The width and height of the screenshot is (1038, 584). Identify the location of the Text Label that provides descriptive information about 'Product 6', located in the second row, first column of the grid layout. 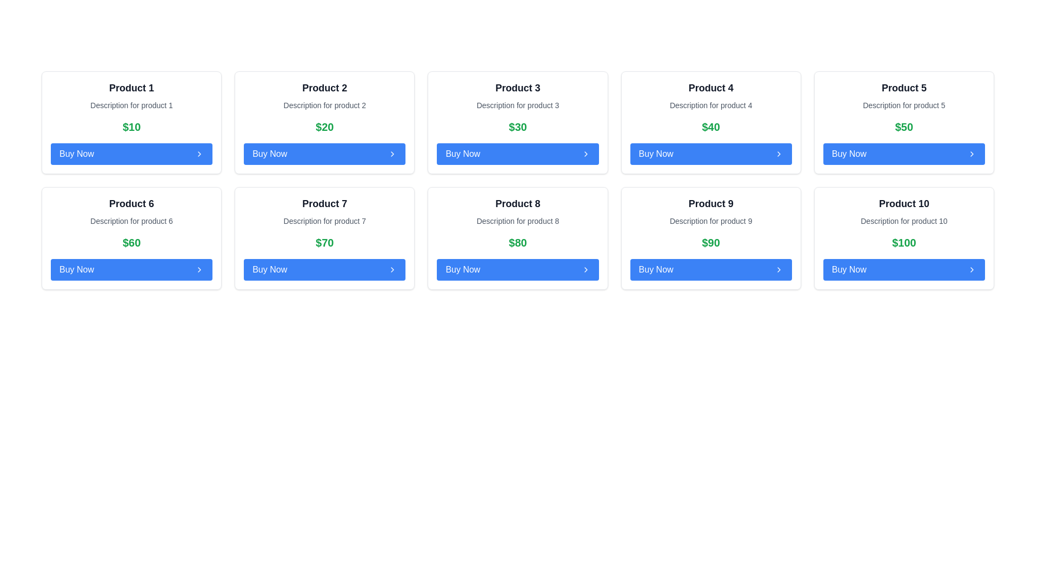
(131, 220).